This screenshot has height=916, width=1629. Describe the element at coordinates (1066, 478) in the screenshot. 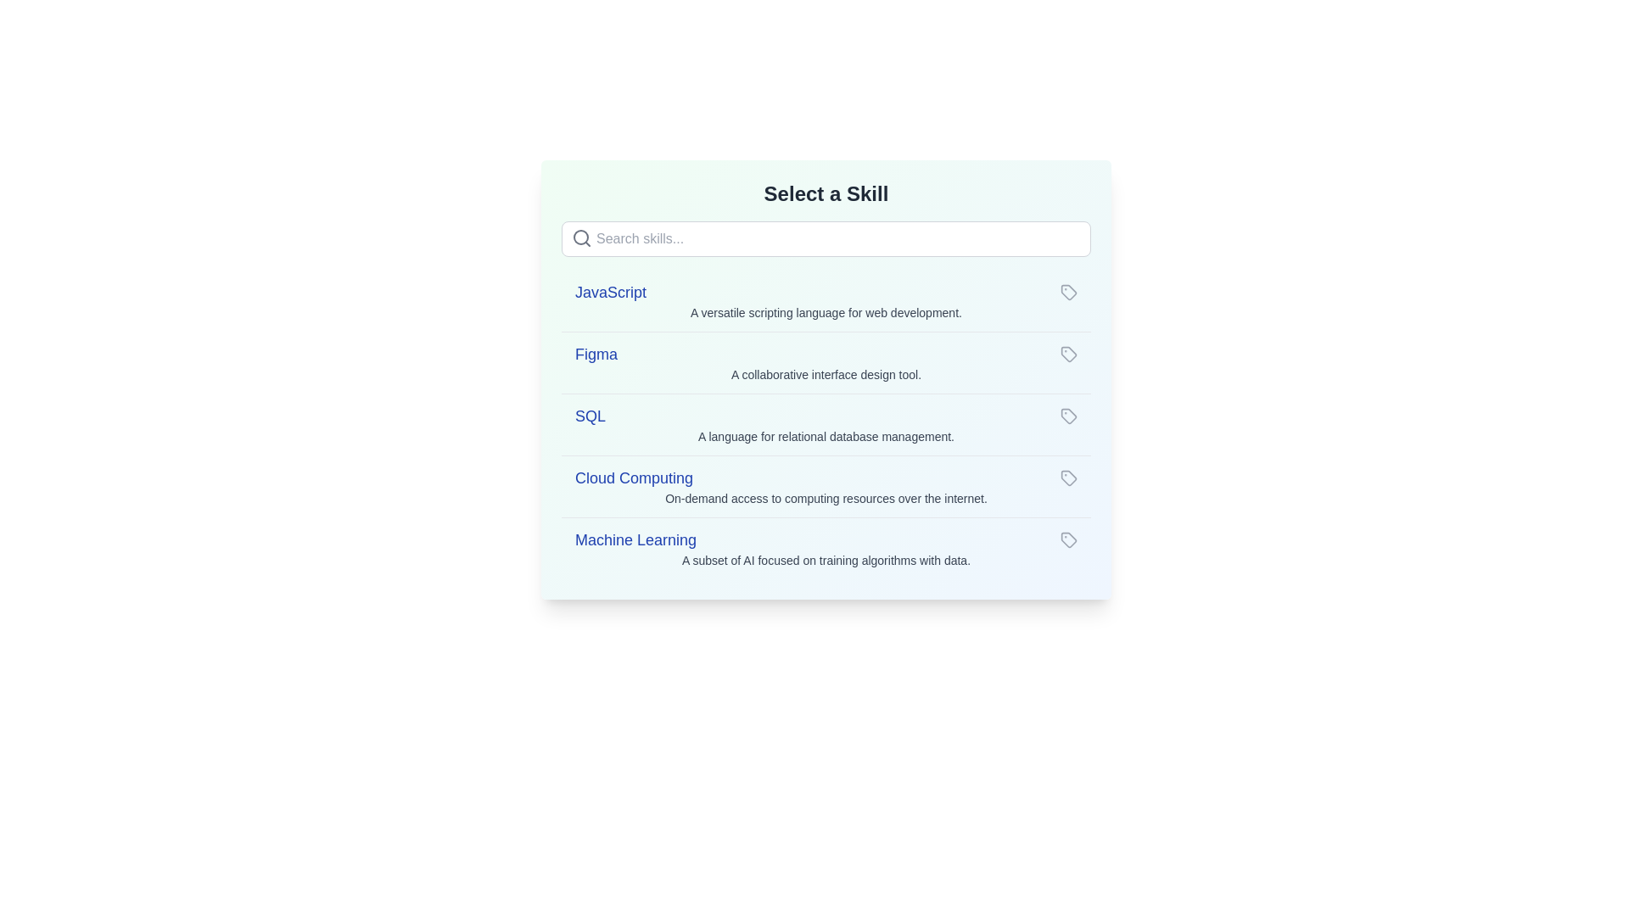

I see `the tag icon associated with the 'Cloud Computing' skill entry` at that location.